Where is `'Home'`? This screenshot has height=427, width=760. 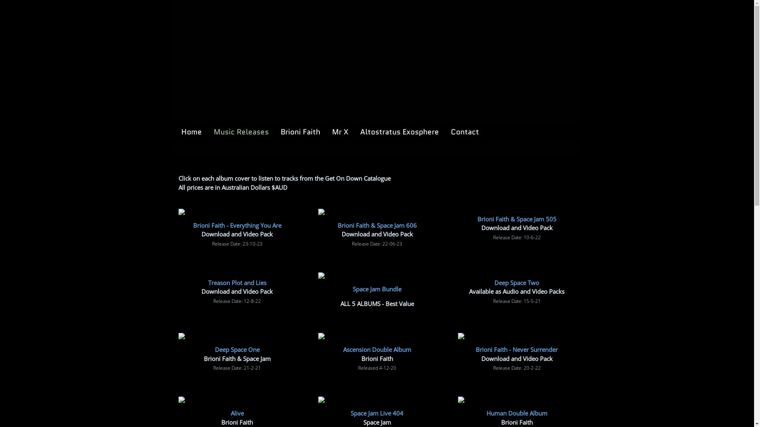
'Home' is located at coordinates (191, 132).